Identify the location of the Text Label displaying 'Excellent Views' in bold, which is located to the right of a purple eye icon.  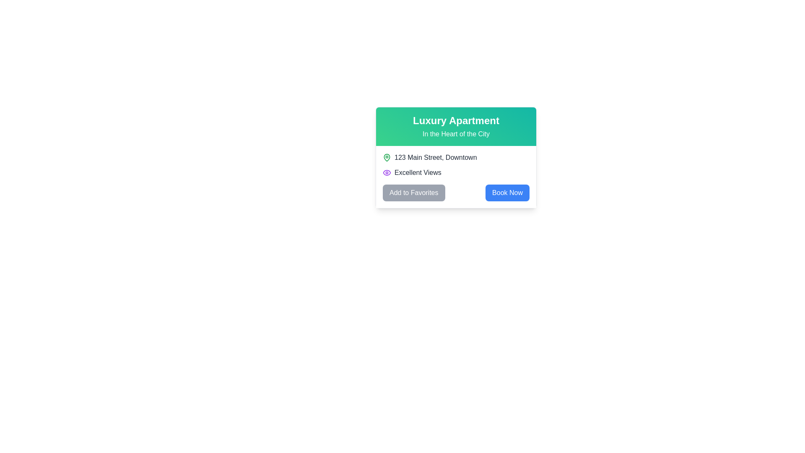
(418, 172).